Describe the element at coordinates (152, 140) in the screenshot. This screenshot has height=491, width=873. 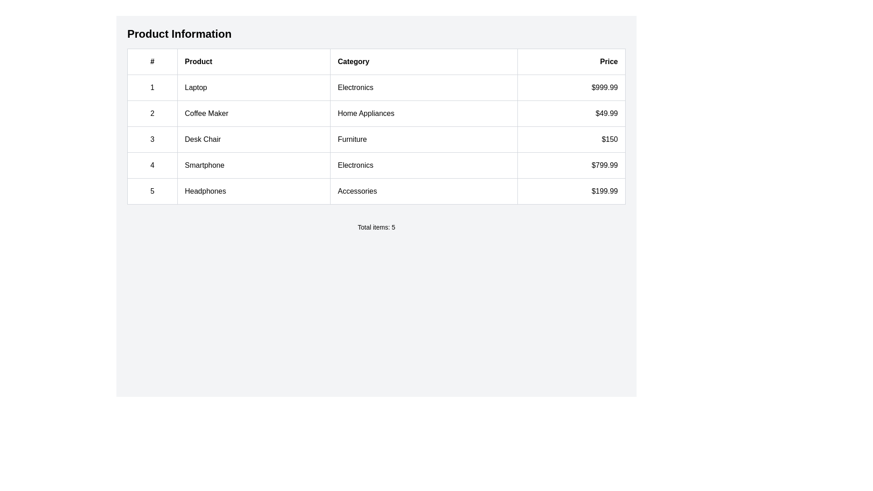
I see `the text element that serves as an identifier or serial number for the row in the first column and third row of the table, located near 'Desk Chair', 'Furniture', and '$150'` at that location.